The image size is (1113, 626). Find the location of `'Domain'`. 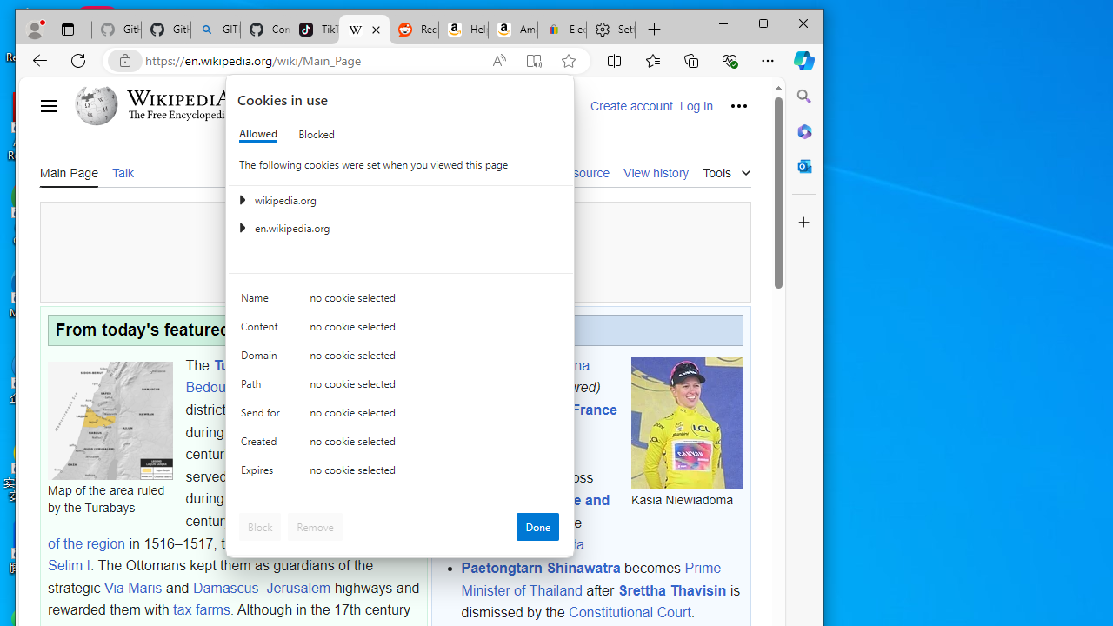

'Domain' is located at coordinates (262, 358).